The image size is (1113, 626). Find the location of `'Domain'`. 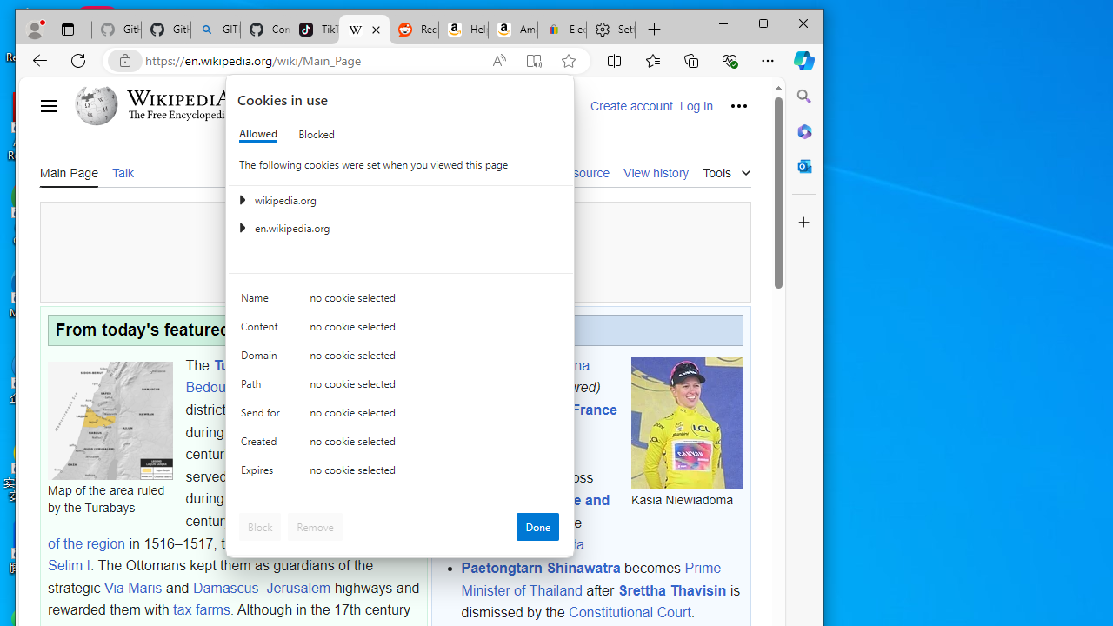

'Domain' is located at coordinates (262, 358).